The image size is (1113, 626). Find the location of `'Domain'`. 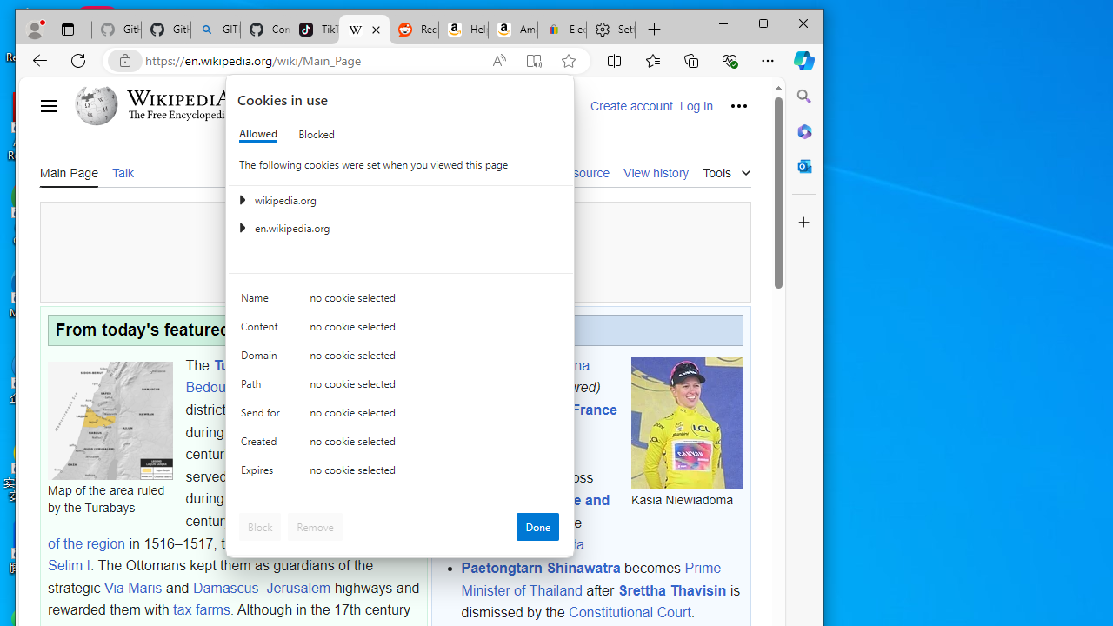

'Domain' is located at coordinates (262, 358).